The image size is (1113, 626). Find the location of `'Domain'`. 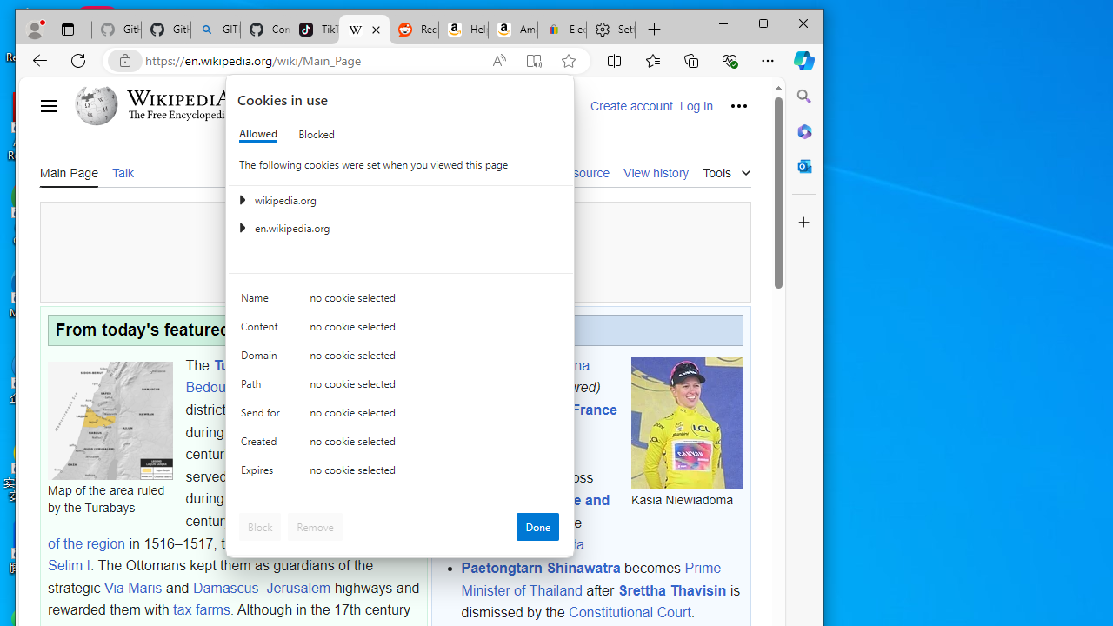

'Domain' is located at coordinates (262, 358).